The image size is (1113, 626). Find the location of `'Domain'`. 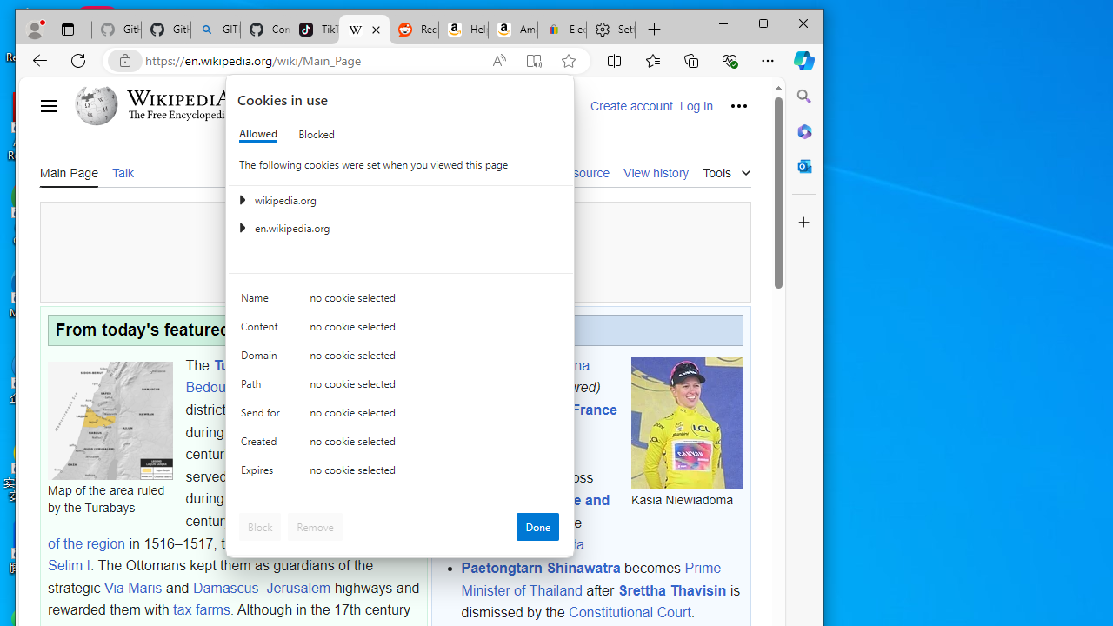

'Domain' is located at coordinates (262, 358).